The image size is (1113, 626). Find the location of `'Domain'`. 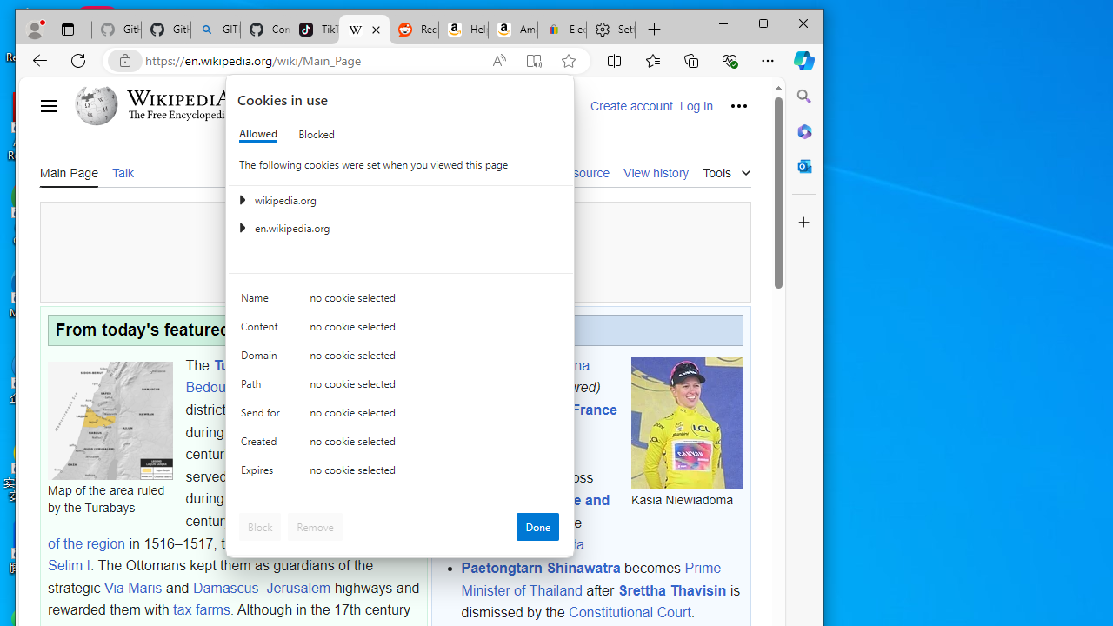

'Domain' is located at coordinates (262, 358).